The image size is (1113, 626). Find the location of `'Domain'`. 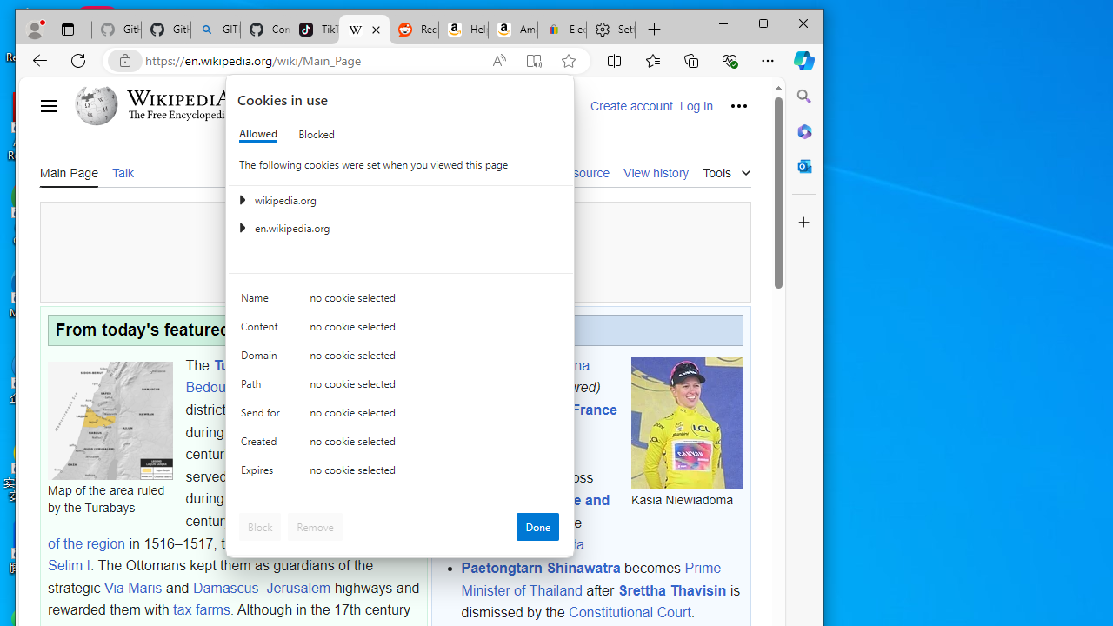

'Domain' is located at coordinates (262, 358).